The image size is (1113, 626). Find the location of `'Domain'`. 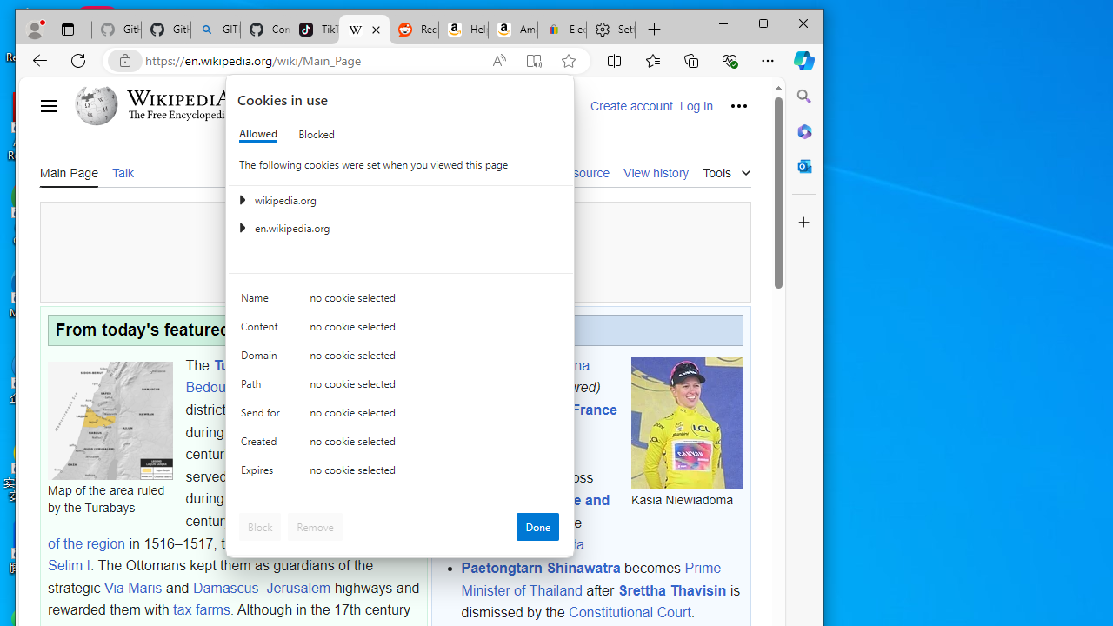

'Domain' is located at coordinates (262, 358).